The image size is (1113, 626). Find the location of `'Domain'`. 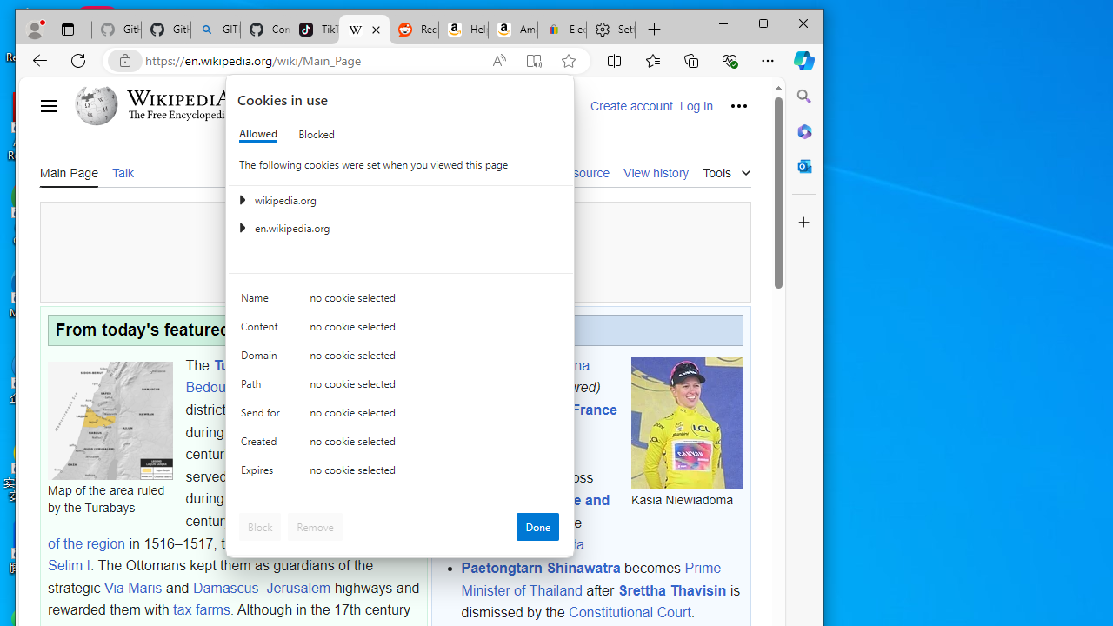

'Domain' is located at coordinates (262, 358).